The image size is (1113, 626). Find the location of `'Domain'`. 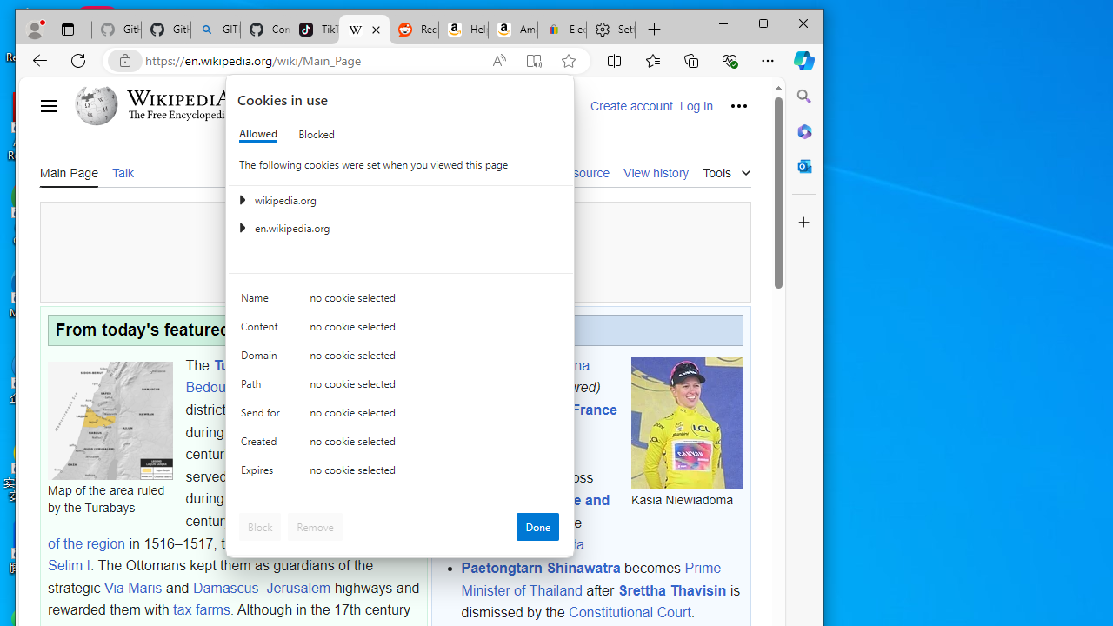

'Domain' is located at coordinates (262, 358).